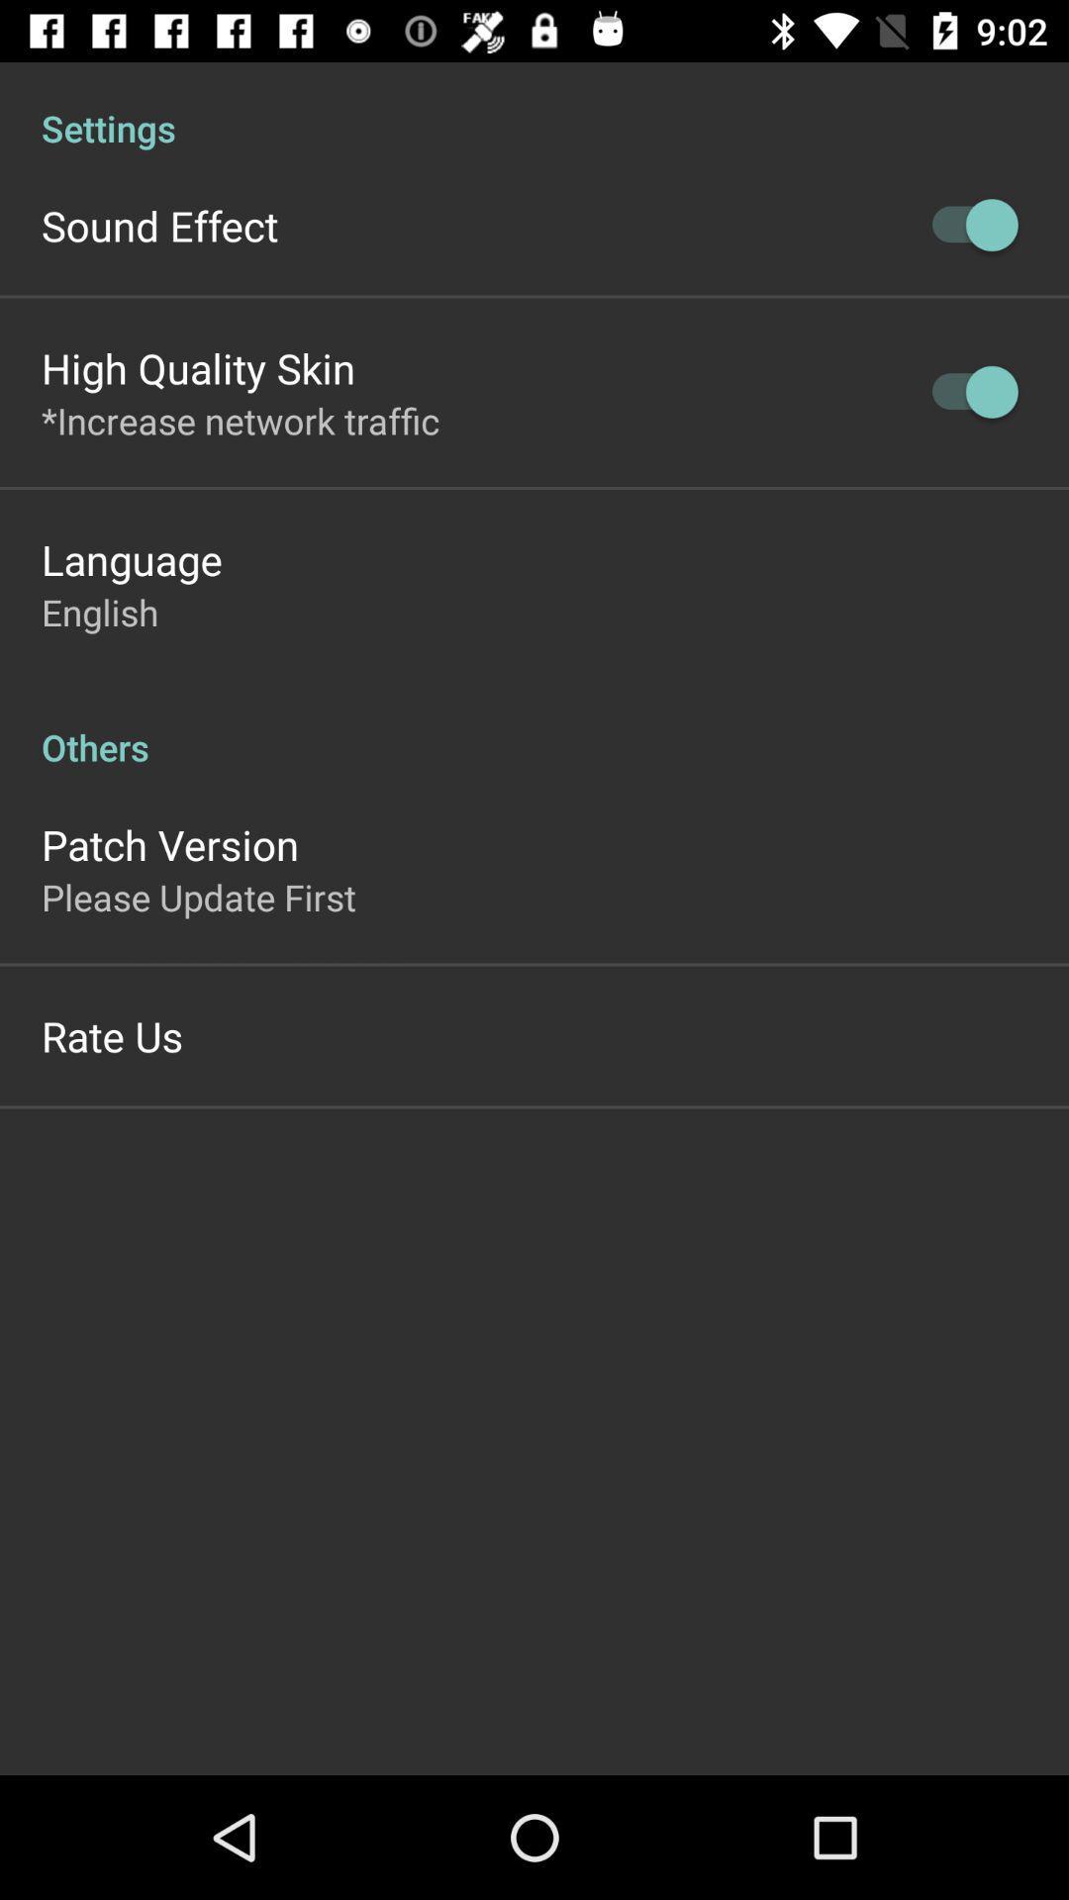 The width and height of the screenshot is (1069, 1900). Describe the element at coordinates (112, 1034) in the screenshot. I see `rate us item` at that location.